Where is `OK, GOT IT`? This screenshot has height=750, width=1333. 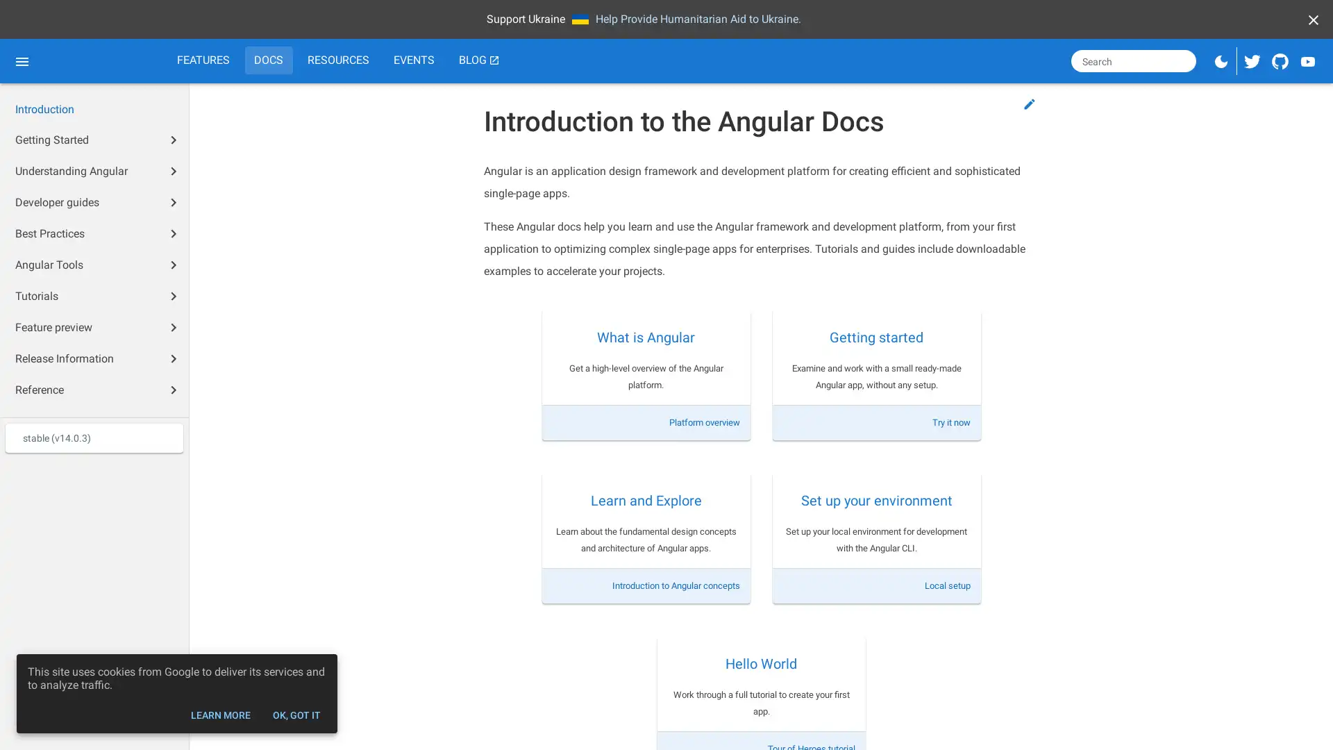
OK, GOT IT is located at coordinates (296, 715).